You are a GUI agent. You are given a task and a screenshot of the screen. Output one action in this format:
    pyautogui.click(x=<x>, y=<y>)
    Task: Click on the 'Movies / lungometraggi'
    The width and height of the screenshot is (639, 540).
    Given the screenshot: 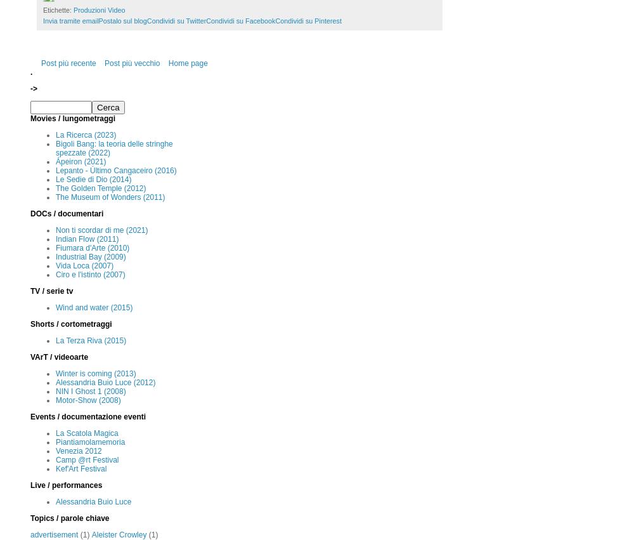 What is the action you would take?
    pyautogui.click(x=73, y=117)
    